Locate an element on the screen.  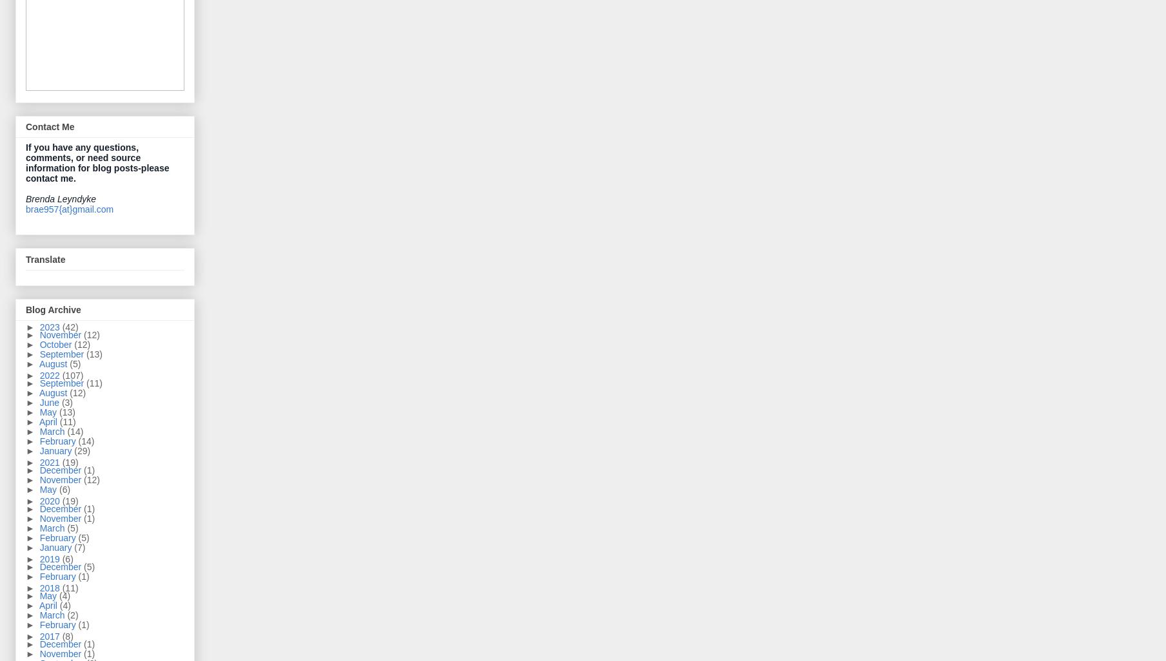
'2023' is located at coordinates (50, 326).